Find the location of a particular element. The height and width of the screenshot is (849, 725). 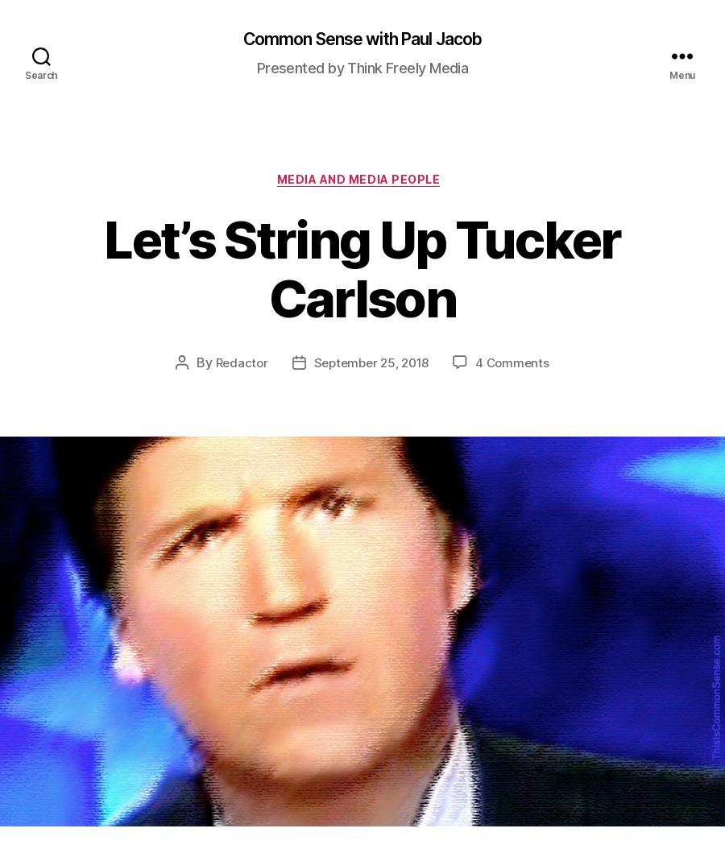

'Memes (refresh for more)' is located at coordinates (519, 585).